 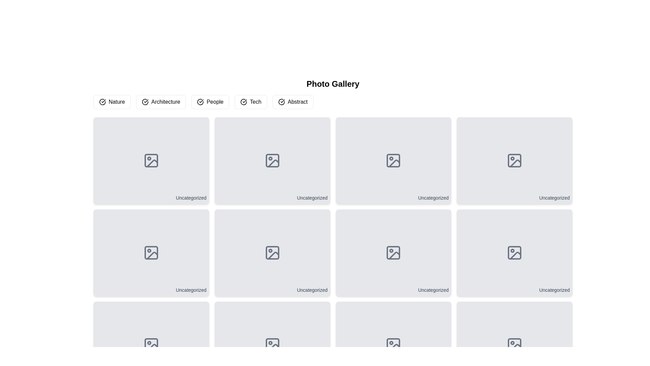 I want to click on the text label indicating 'Uncategorized' located at the bottom-right corner of the last card in the top row of the gallery, so click(x=554, y=198).